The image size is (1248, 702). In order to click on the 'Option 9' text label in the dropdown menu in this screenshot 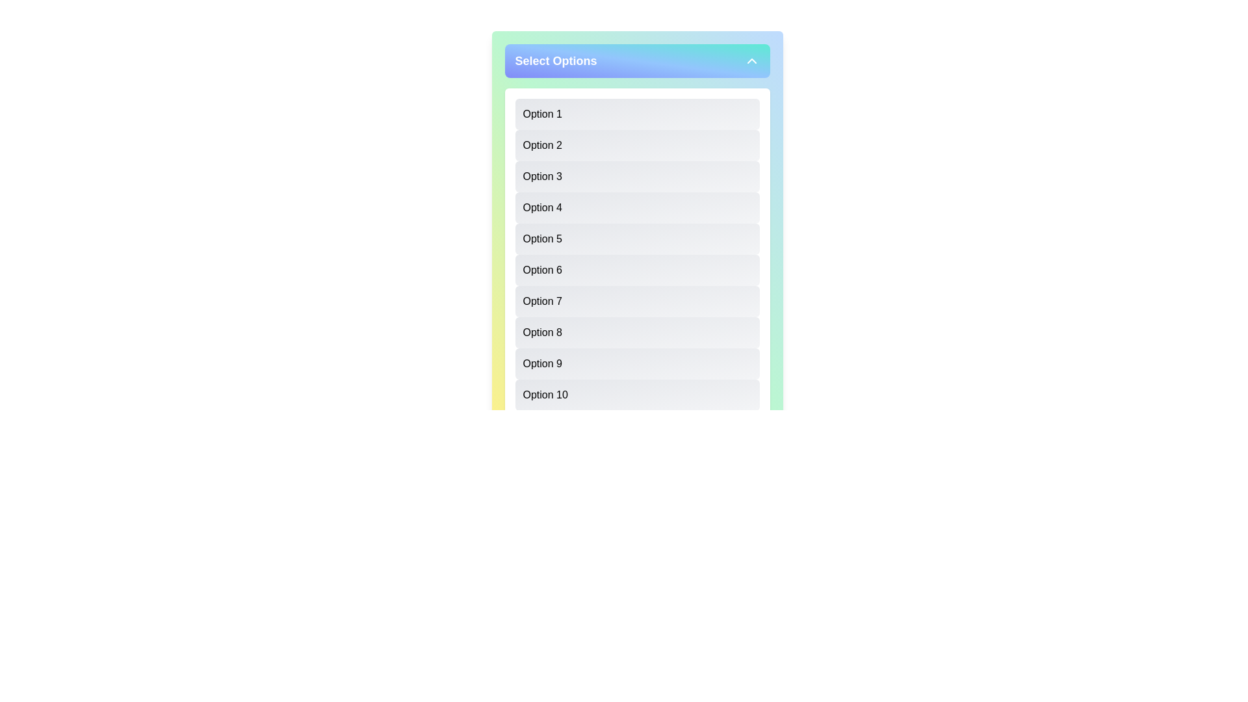, I will do `click(542, 363)`.